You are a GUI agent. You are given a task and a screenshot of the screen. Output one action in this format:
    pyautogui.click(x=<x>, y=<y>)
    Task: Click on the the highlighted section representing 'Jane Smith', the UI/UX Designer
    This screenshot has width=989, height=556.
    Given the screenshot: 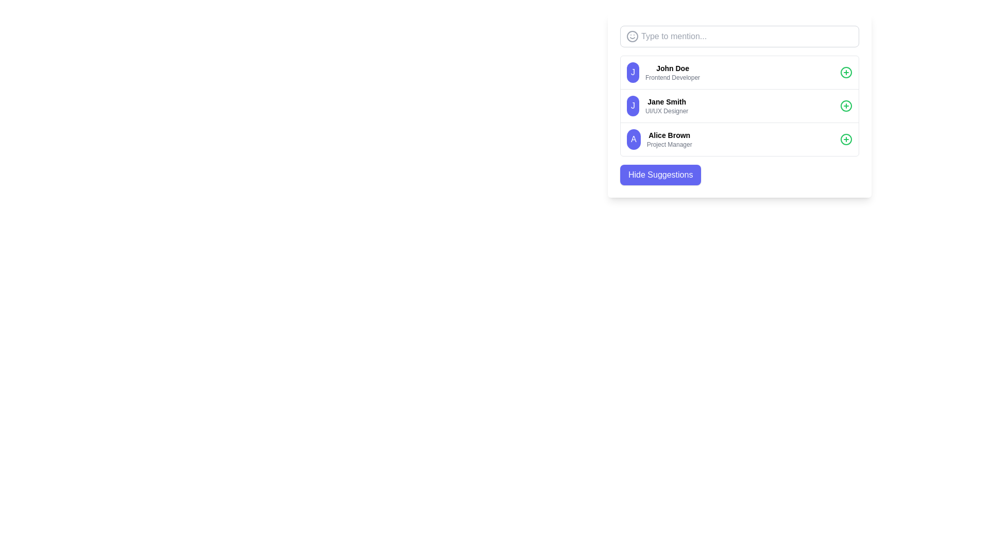 What is the action you would take?
    pyautogui.click(x=739, y=106)
    